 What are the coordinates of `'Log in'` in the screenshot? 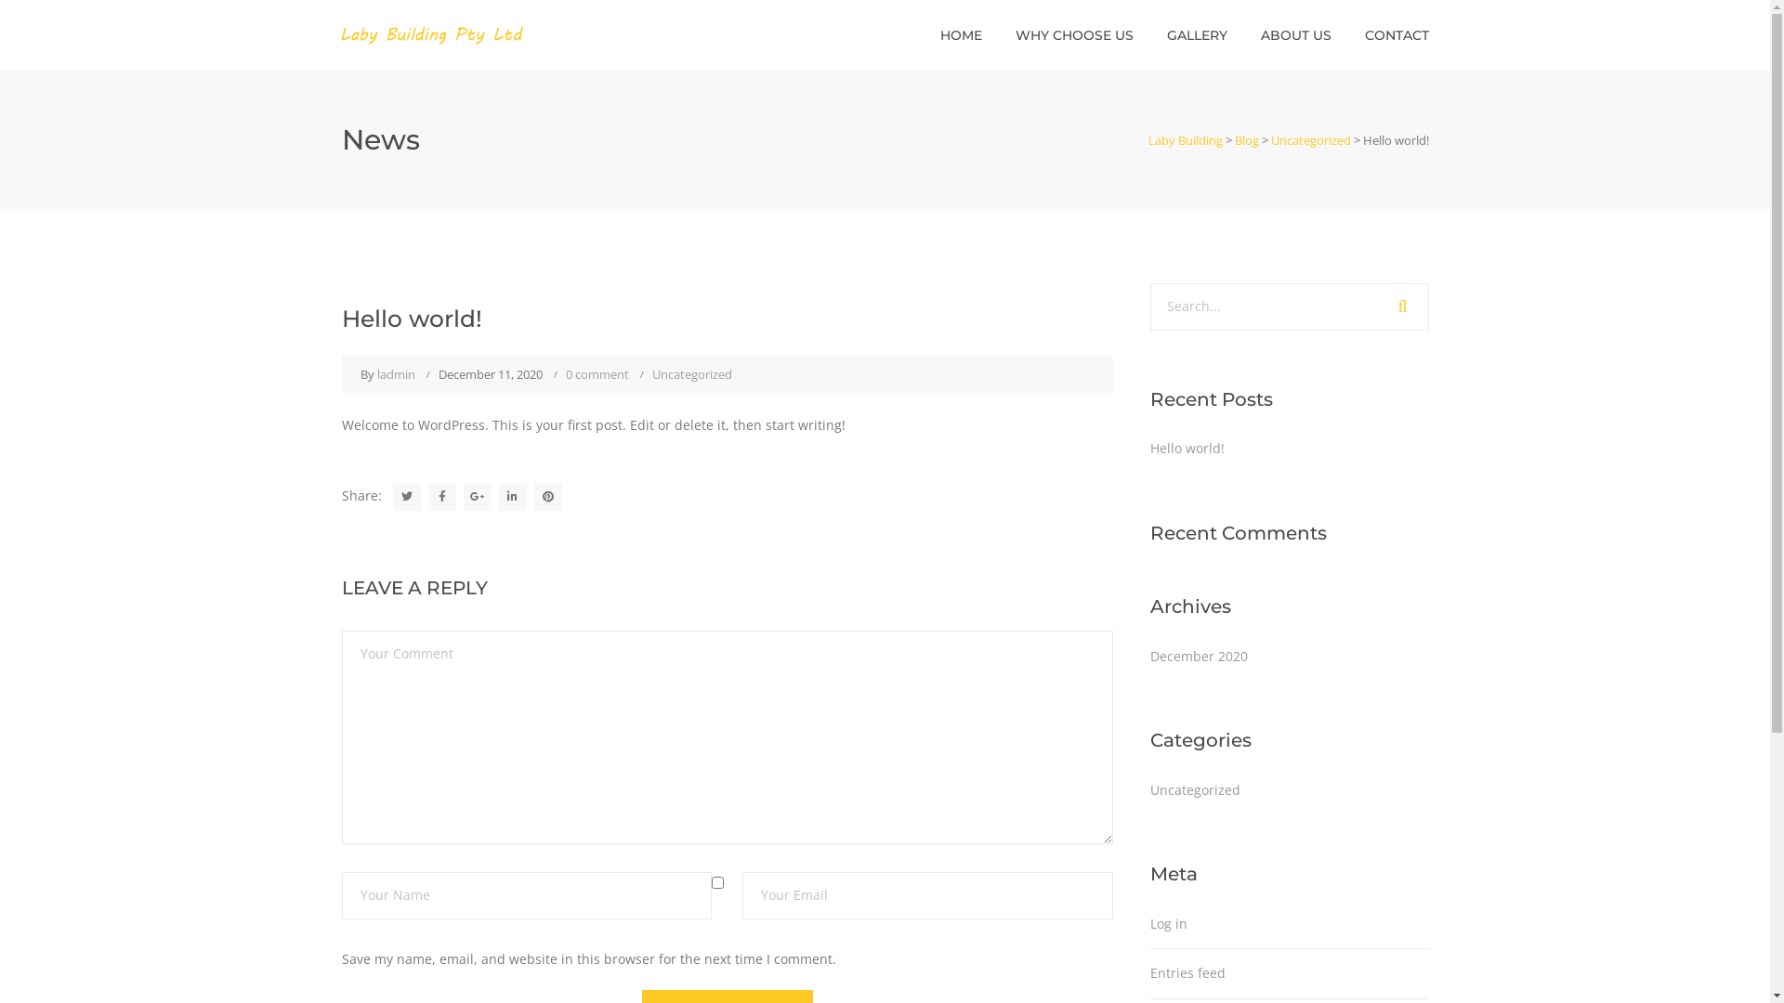 It's located at (1149, 923).